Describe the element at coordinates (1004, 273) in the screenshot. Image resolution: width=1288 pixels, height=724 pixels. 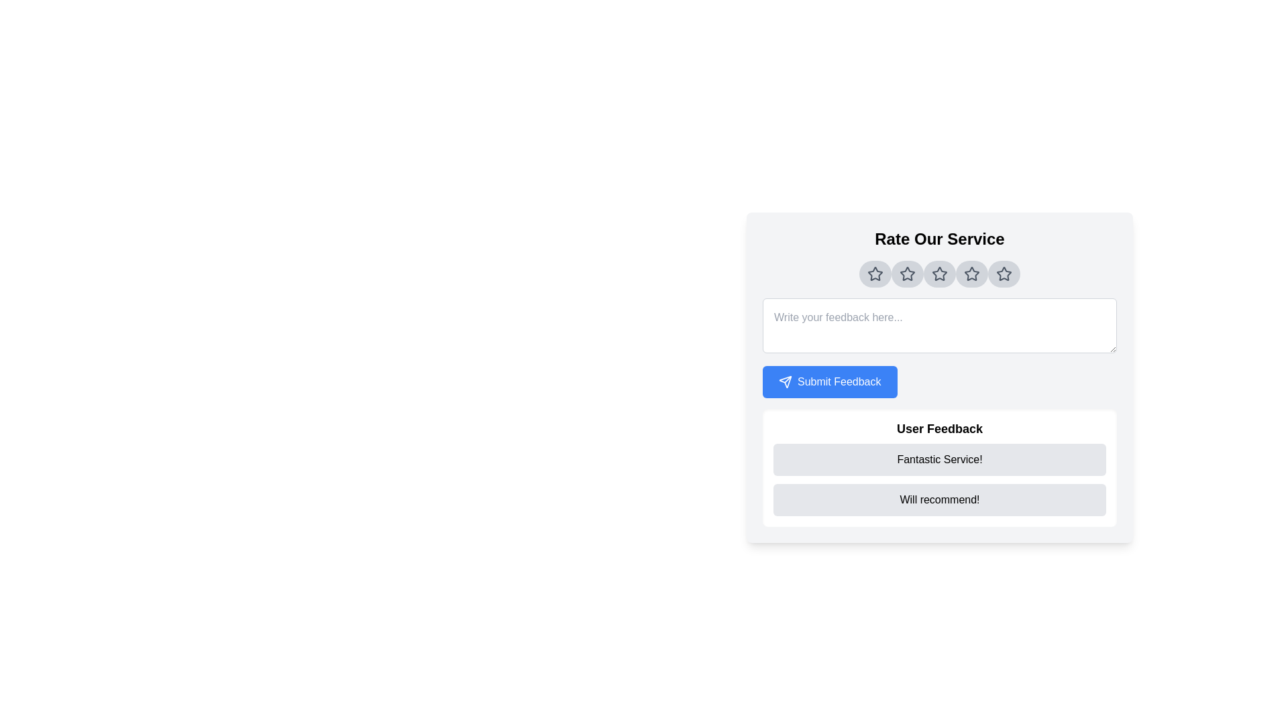
I see `the fifth star icon in the top center of the interface` at that location.